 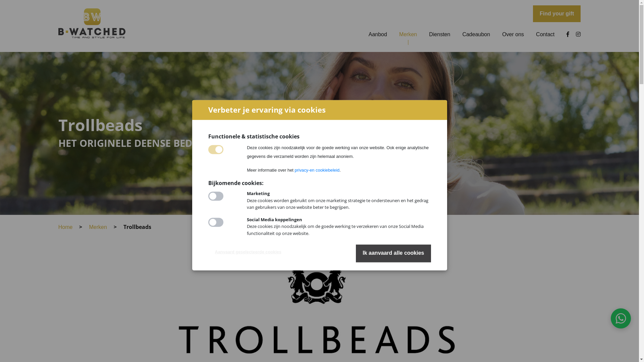 I want to click on 'Find your gift', so click(x=557, y=14).